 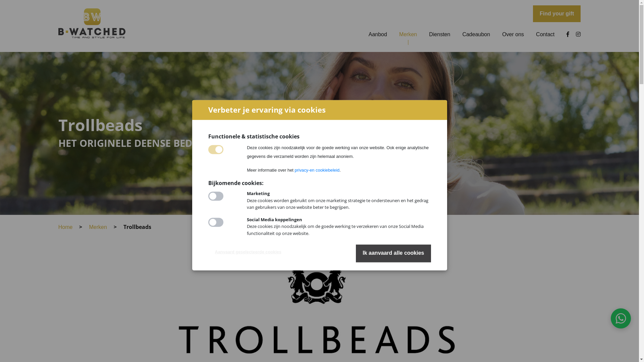 I want to click on 'Find your gift', so click(x=557, y=14).